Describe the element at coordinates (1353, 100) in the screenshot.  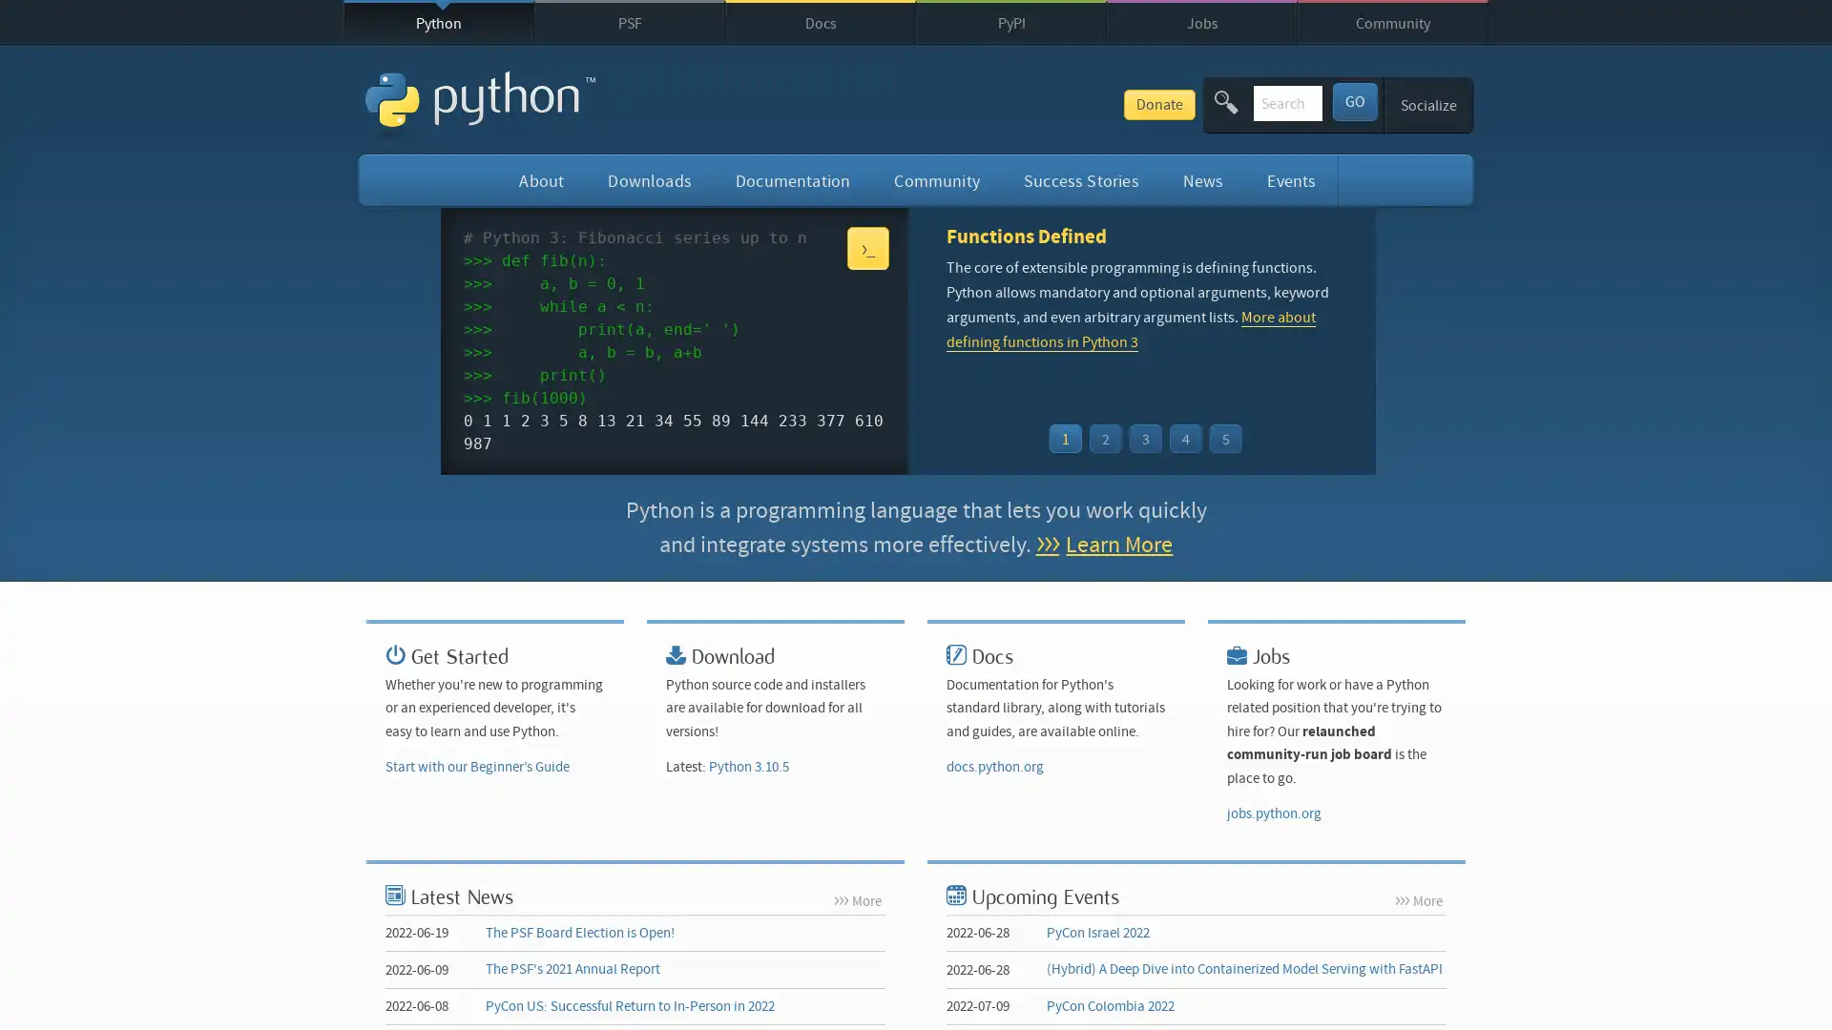
I see `GO` at that location.